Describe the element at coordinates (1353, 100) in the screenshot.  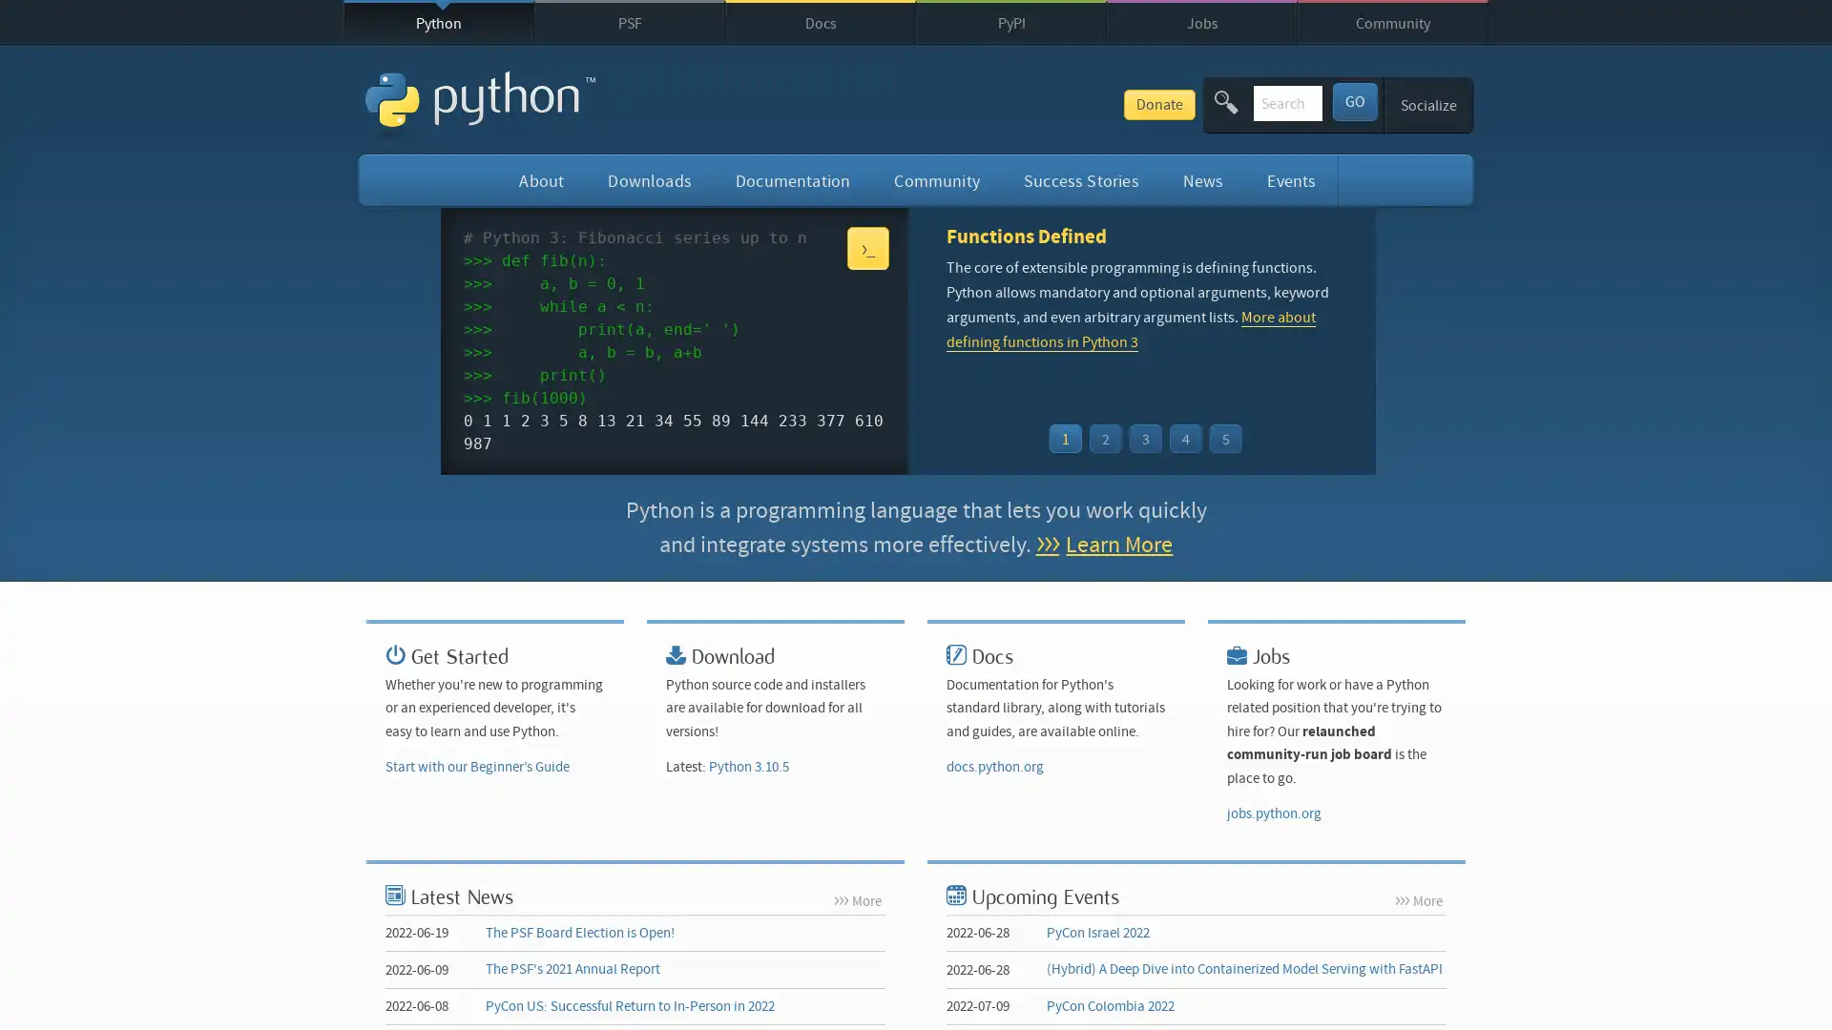
I see `GO` at that location.